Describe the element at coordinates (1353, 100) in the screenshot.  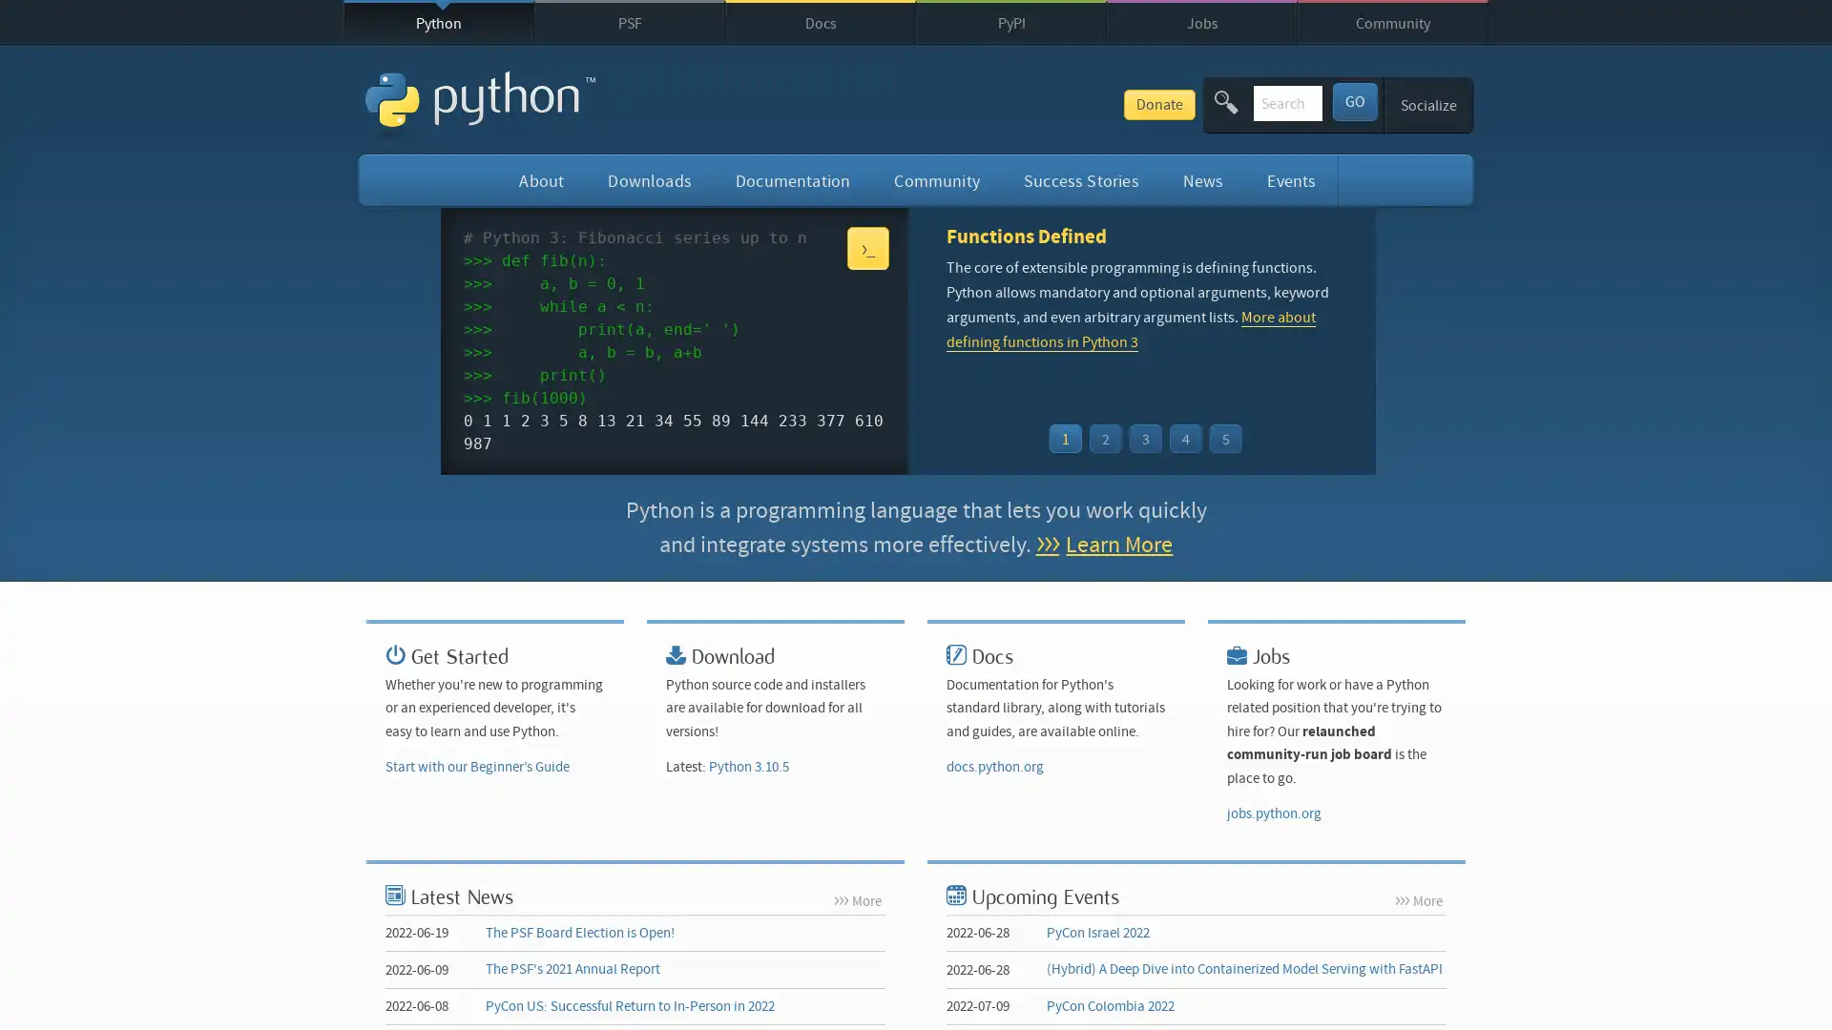
I see `GO` at that location.